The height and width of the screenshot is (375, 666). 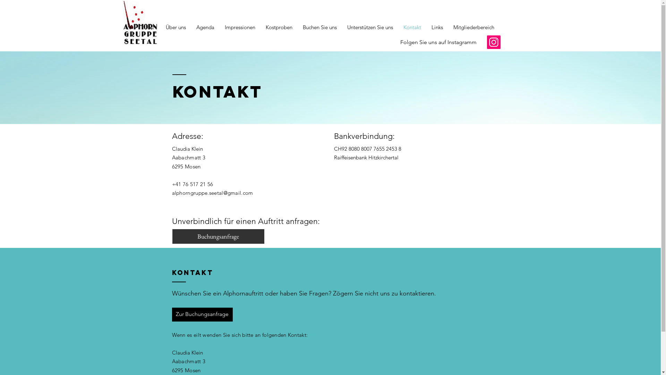 I want to click on 'Impressionen', so click(x=219, y=27).